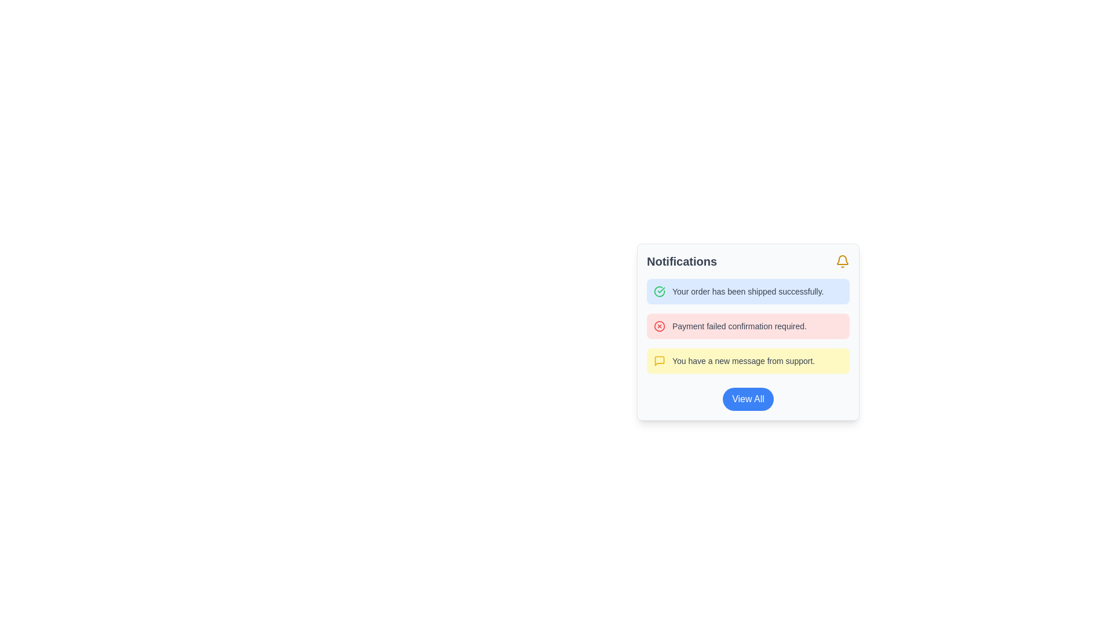  What do you see at coordinates (748, 332) in the screenshot?
I see `the Notification Card that displays user notifications, categorized into individual messages with icons and descriptions, located in a fixed modal window below the header labeled 'Notifications'` at bounding box center [748, 332].